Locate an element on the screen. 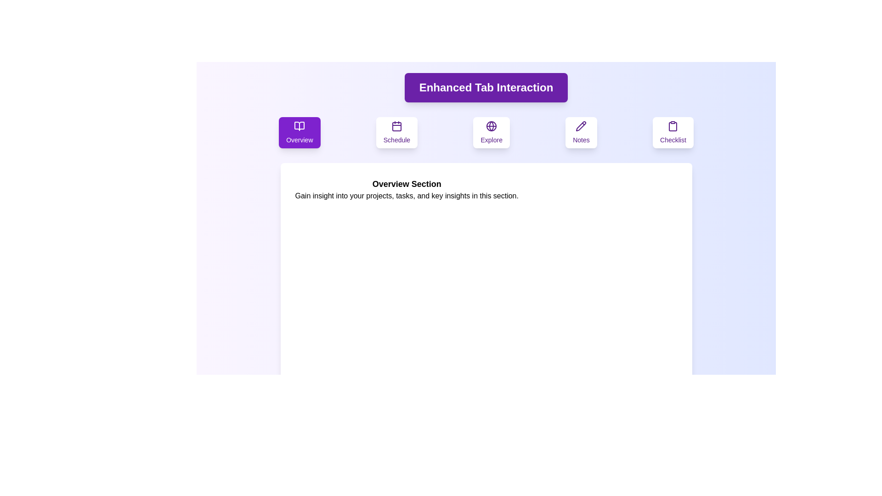 The height and width of the screenshot is (496, 882). the 'Overview' icon in the top-left navigation menu, which serves as the graphical representation of the button is located at coordinates (300, 126).